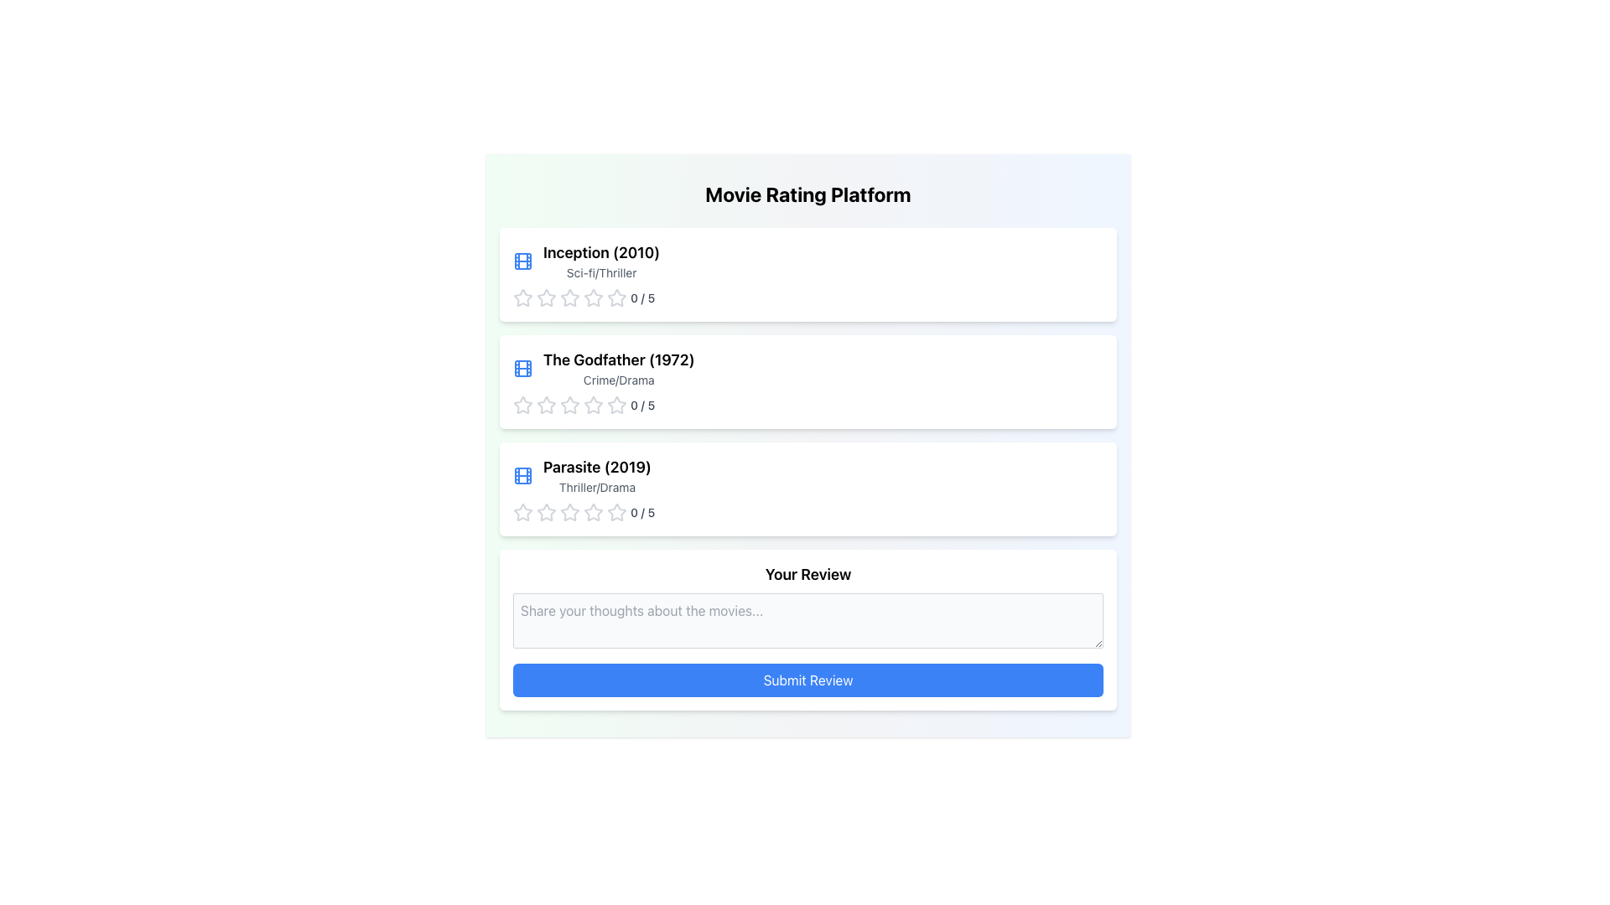 Image resolution: width=1610 pixels, height=905 pixels. I want to click on the star rating display and selector for the movie 'Parasite (2019)' to reset the rating, so click(808, 512).